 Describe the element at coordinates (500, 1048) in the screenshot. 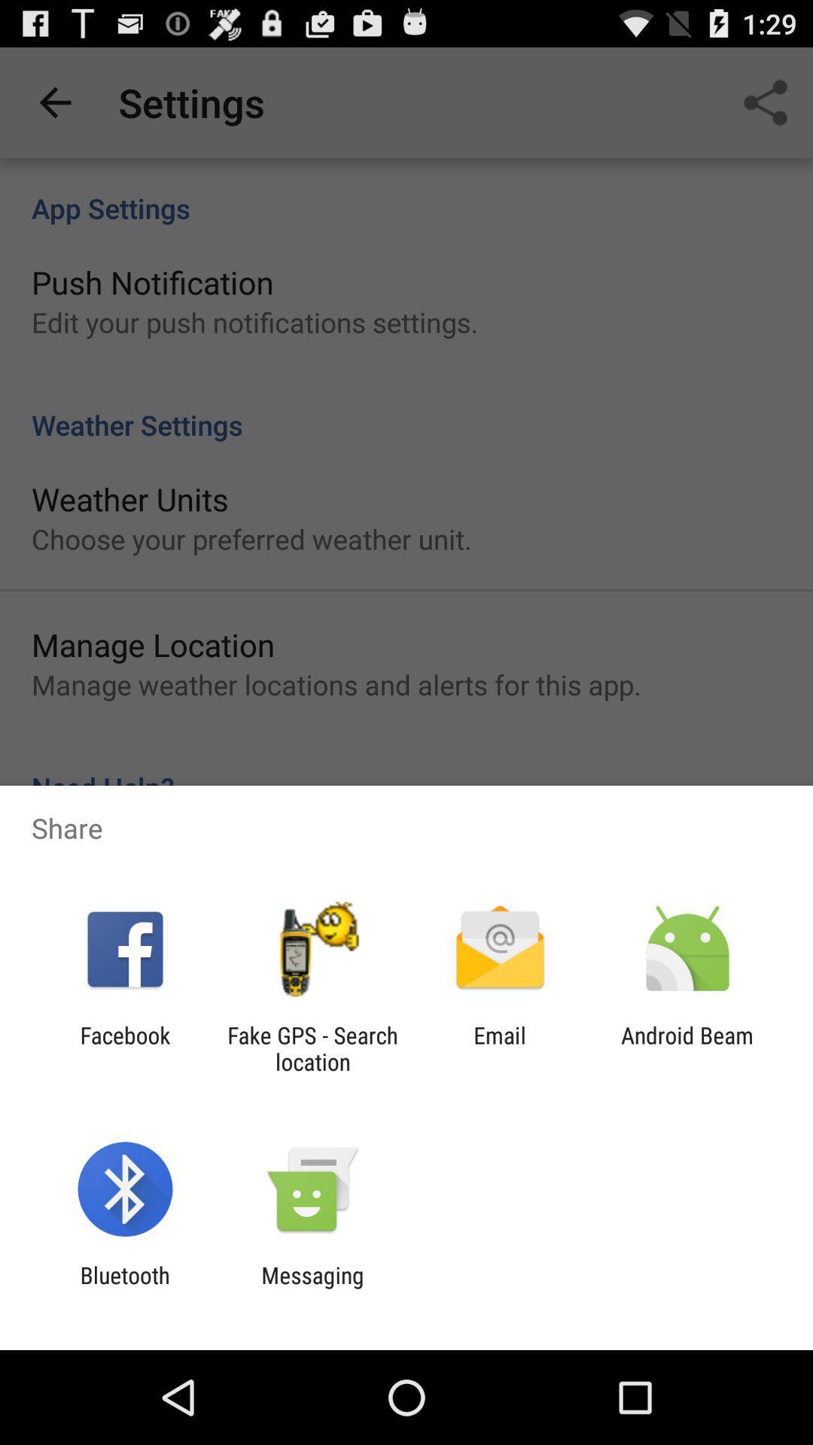

I see `email app` at that location.